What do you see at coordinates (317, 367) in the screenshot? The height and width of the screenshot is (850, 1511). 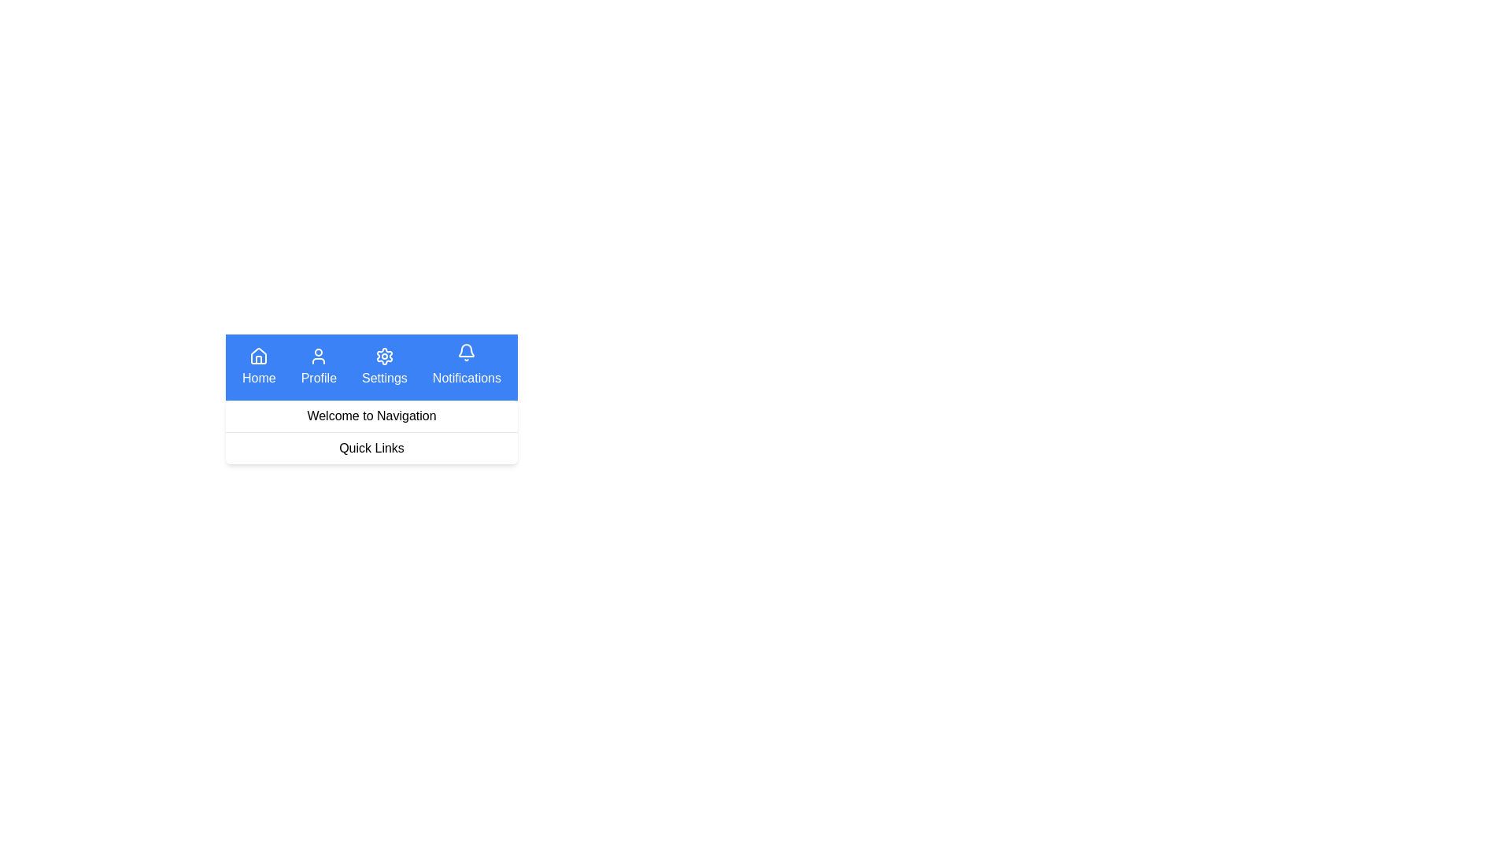 I see `the Profile navigation button` at bounding box center [317, 367].